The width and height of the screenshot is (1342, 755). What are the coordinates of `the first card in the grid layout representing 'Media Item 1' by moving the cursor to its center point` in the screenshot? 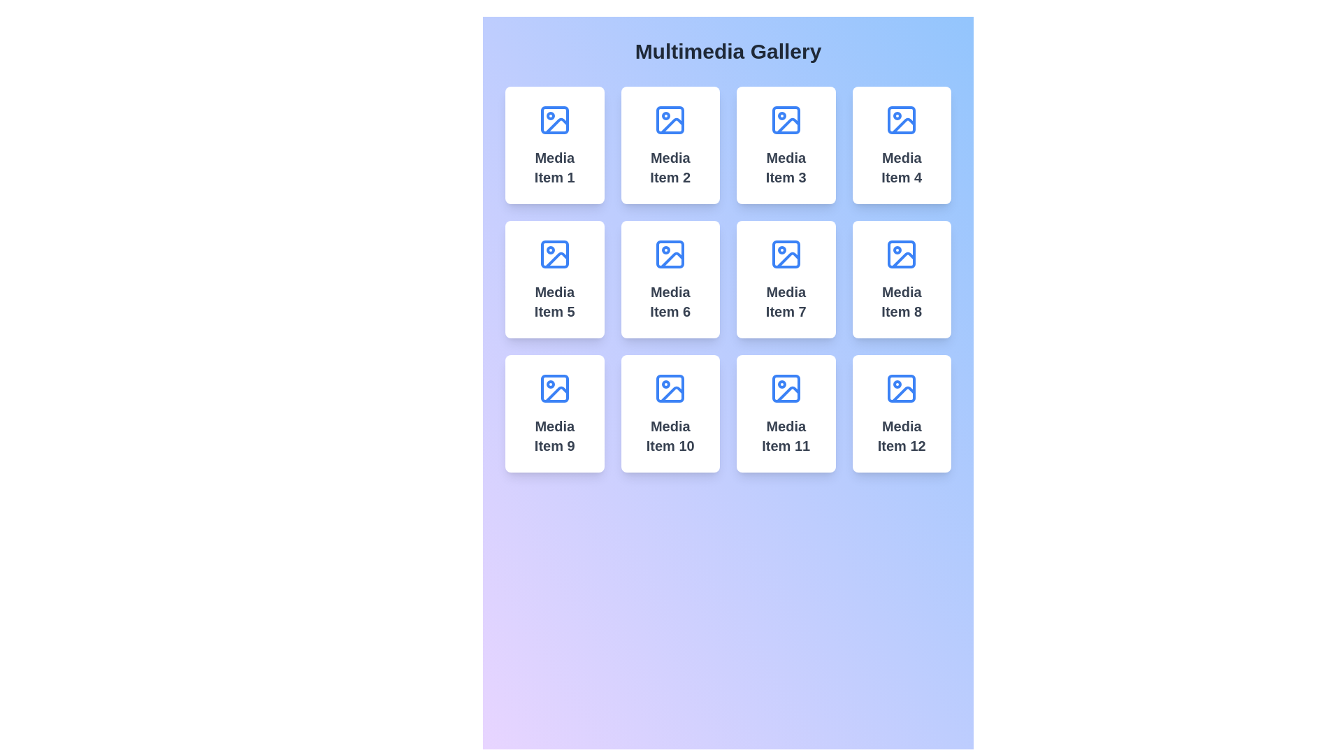 It's located at (554, 145).